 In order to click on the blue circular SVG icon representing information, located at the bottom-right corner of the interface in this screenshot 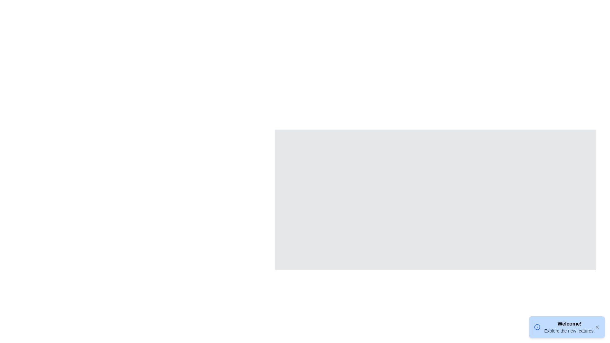, I will do `click(537, 327)`.